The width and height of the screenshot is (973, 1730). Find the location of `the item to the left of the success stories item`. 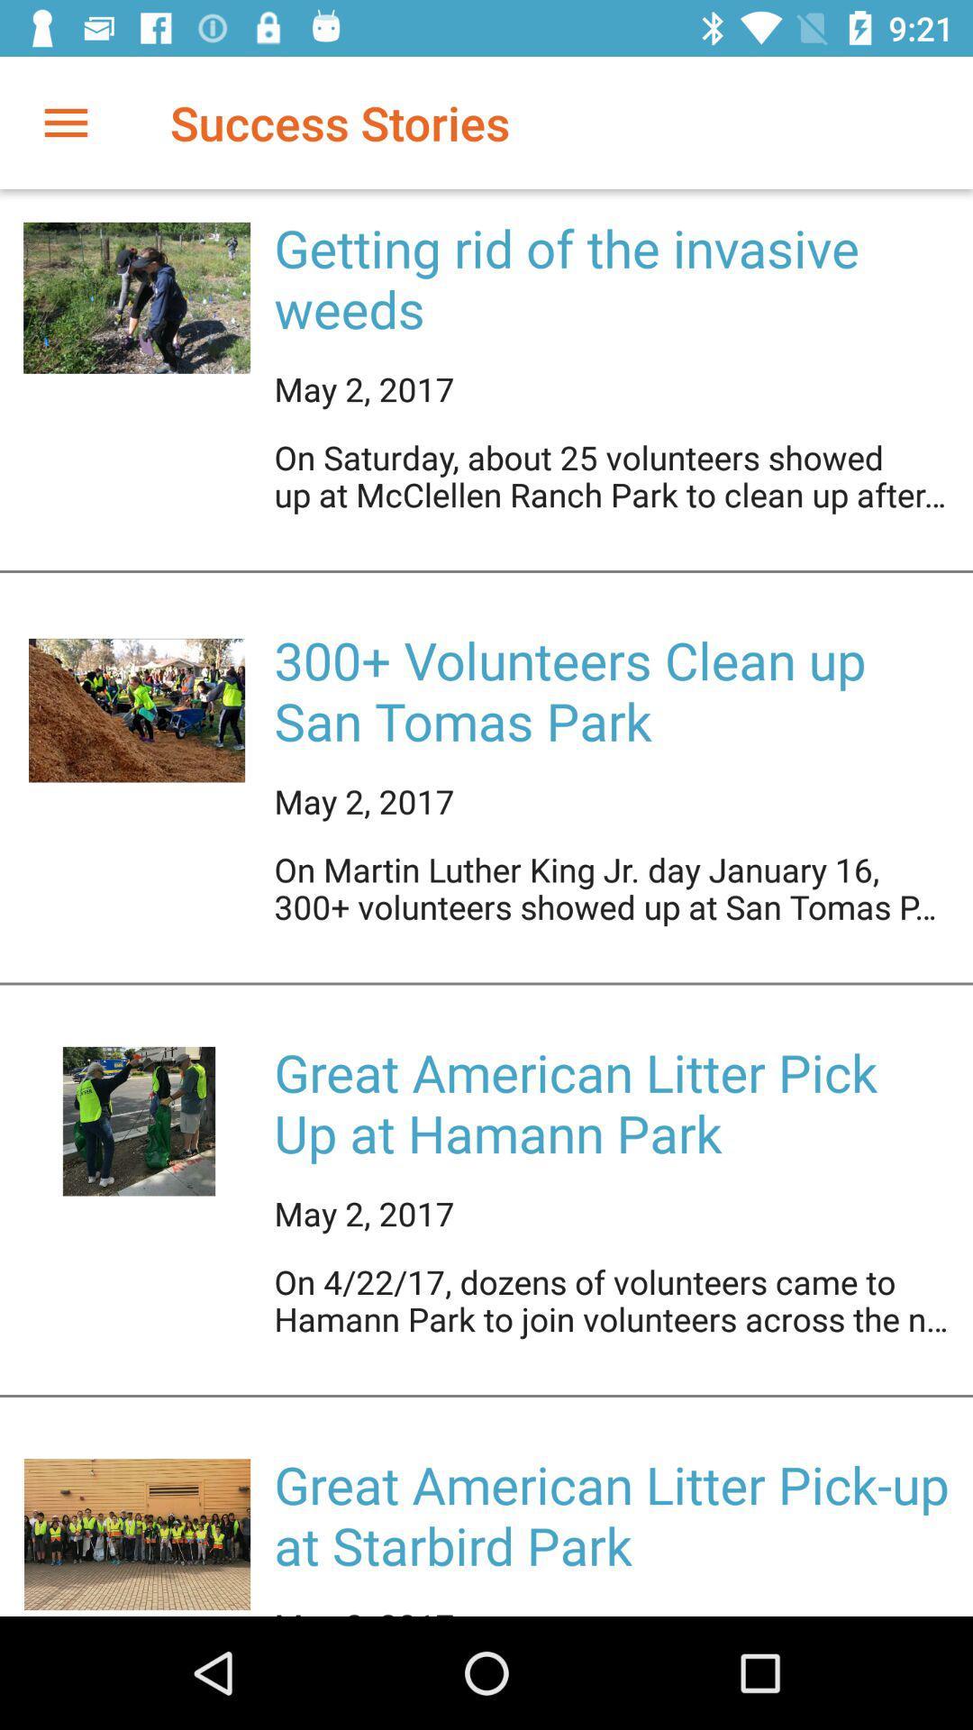

the item to the left of the success stories item is located at coordinates (65, 122).